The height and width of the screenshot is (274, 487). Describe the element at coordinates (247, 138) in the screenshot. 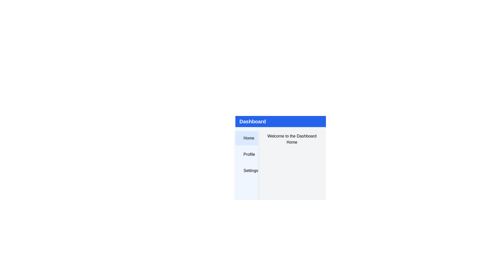

I see `the menu item labeled Home to navigate to the corresponding section` at that location.